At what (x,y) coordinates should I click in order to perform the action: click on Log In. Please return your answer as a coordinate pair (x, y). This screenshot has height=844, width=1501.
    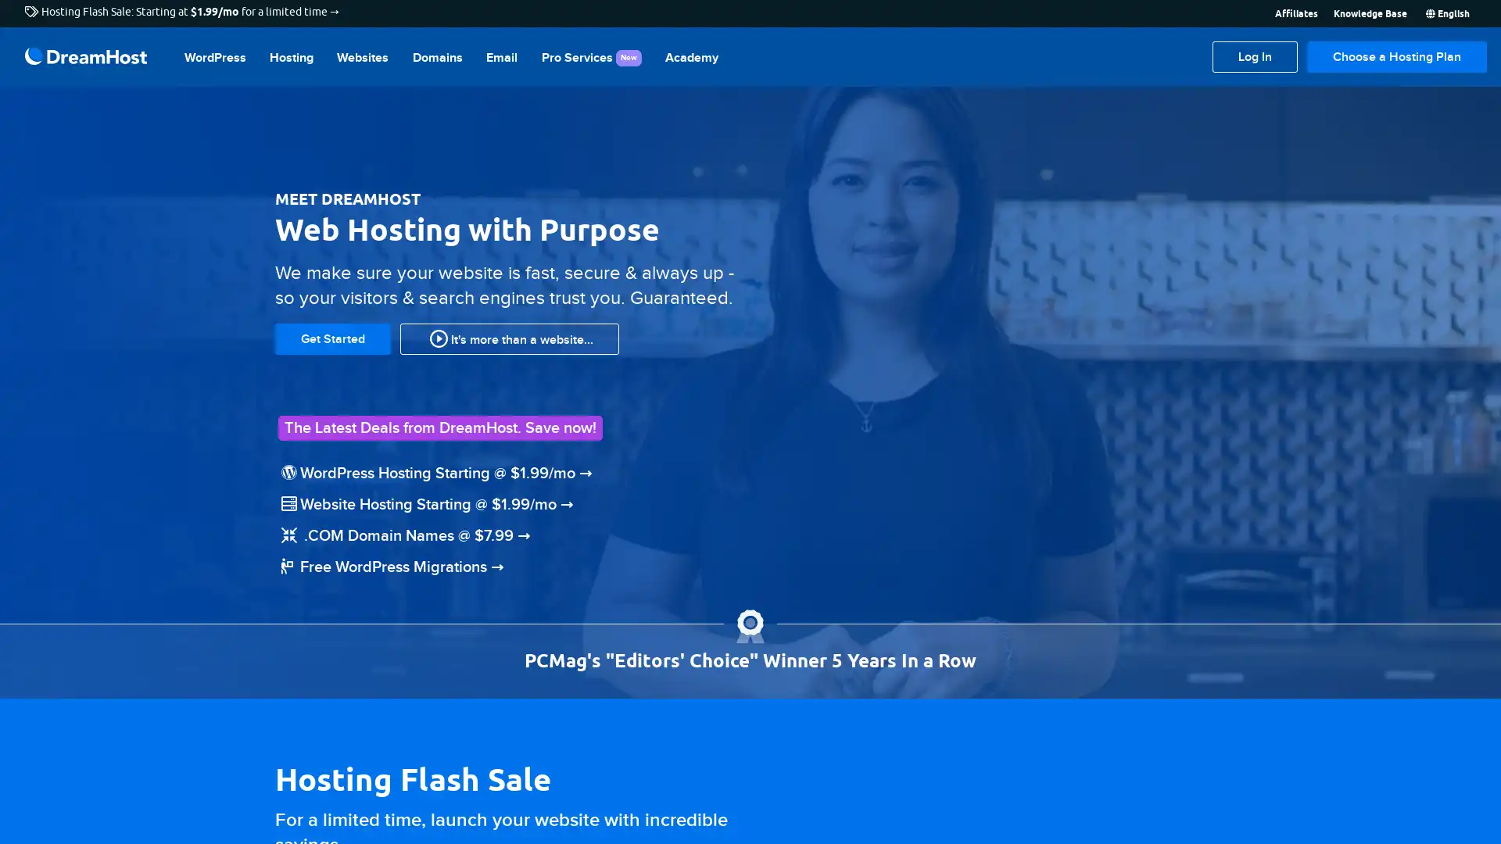
    Looking at the image, I should click on (1255, 56).